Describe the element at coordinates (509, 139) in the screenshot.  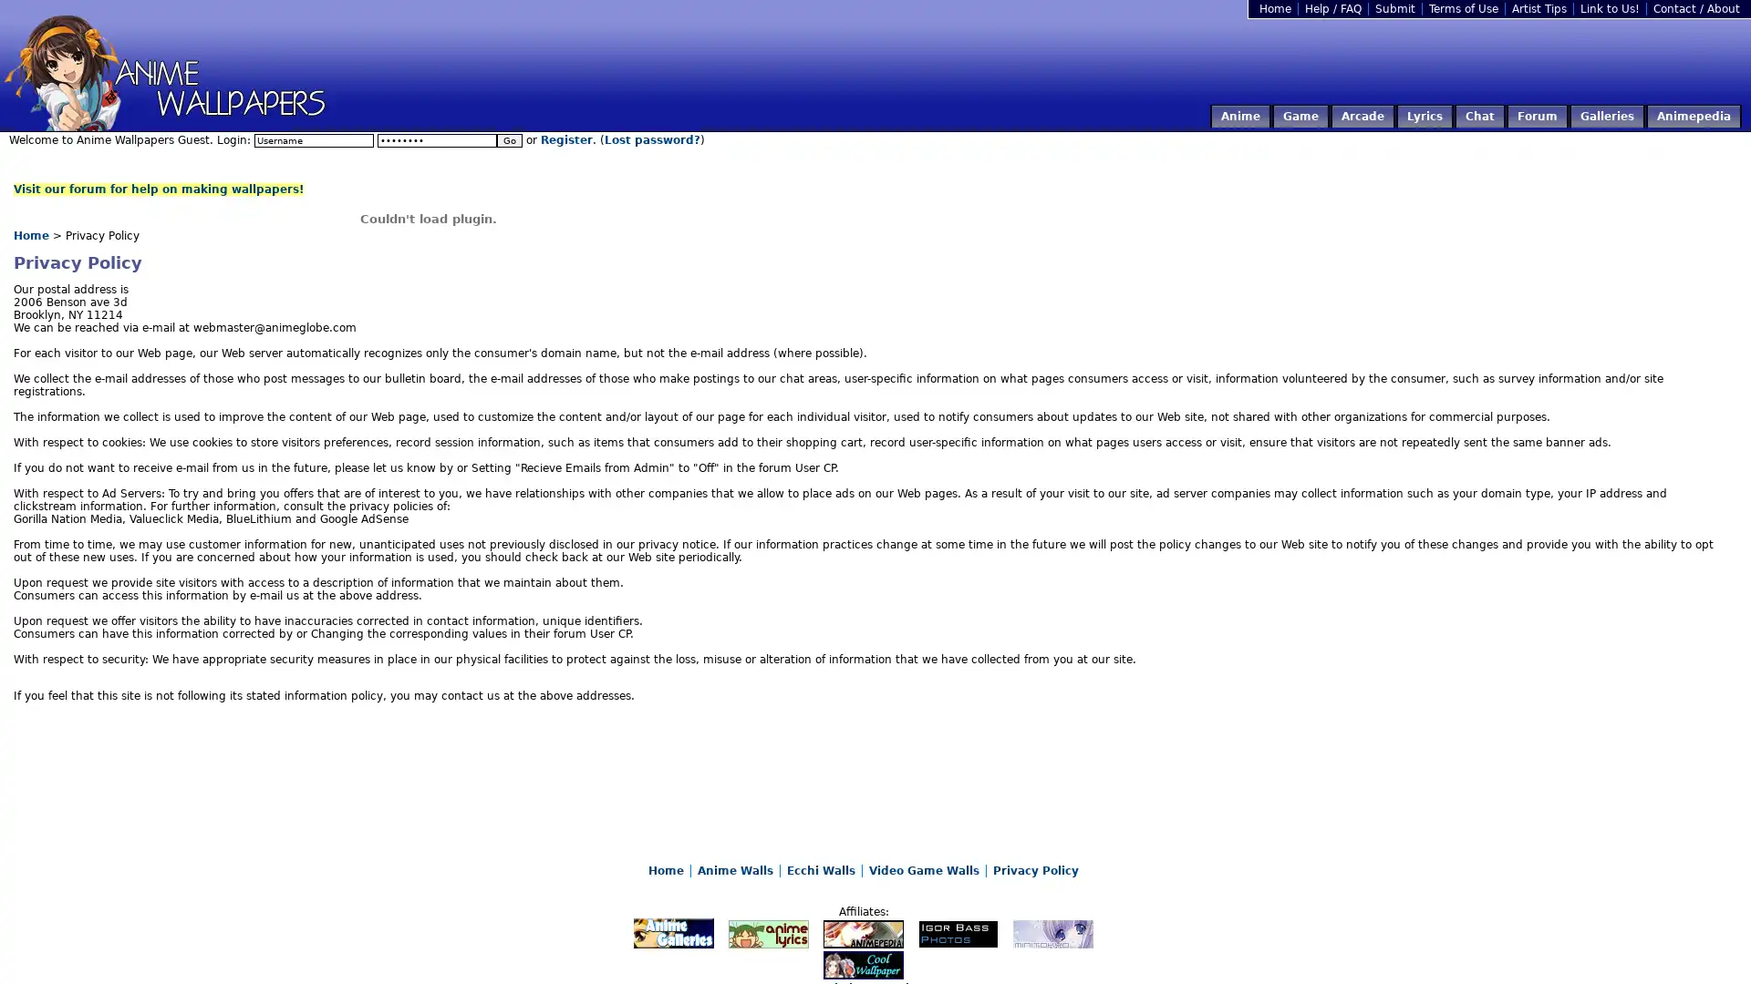
I see `Go` at that location.